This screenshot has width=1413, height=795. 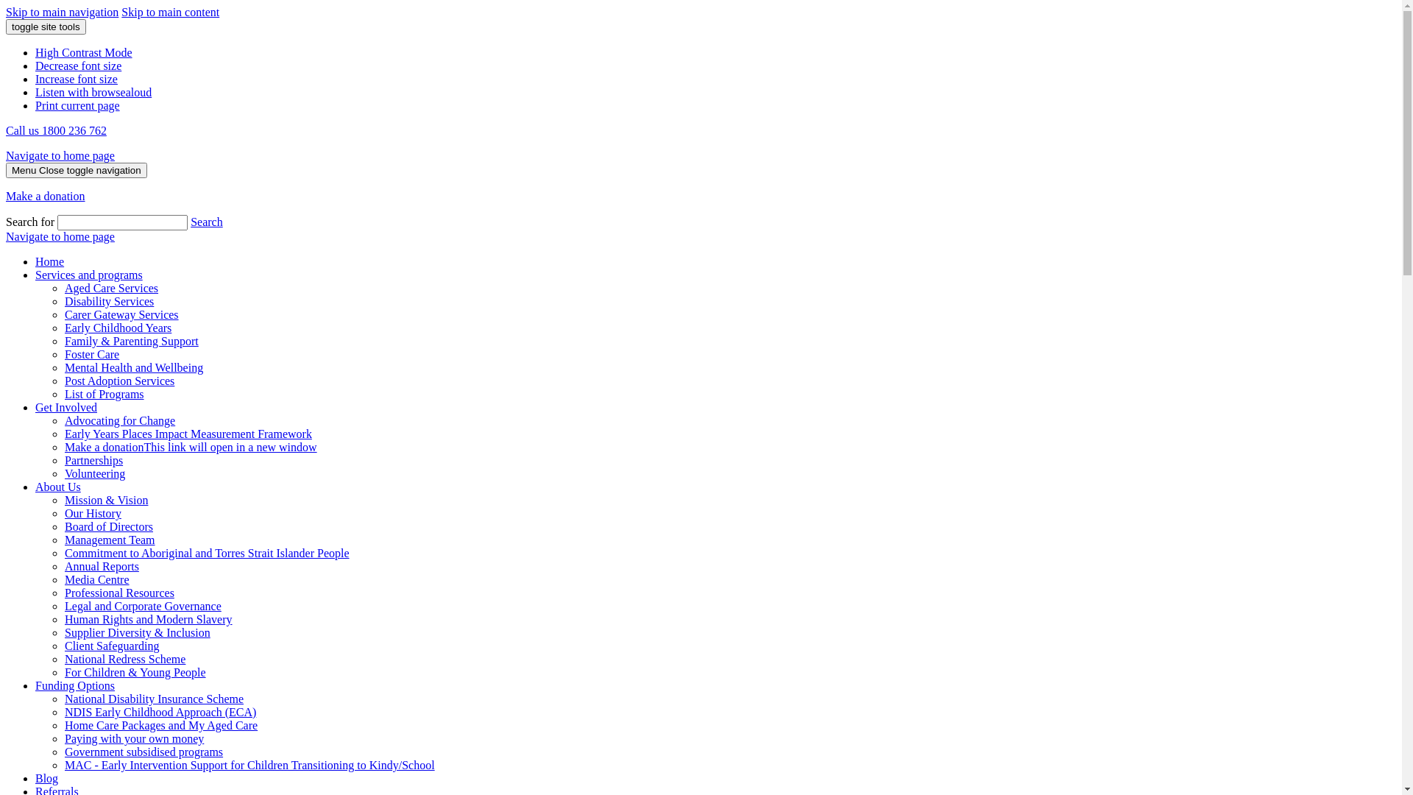 What do you see at coordinates (124, 658) in the screenshot?
I see `'National Redress Scheme'` at bounding box center [124, 658].